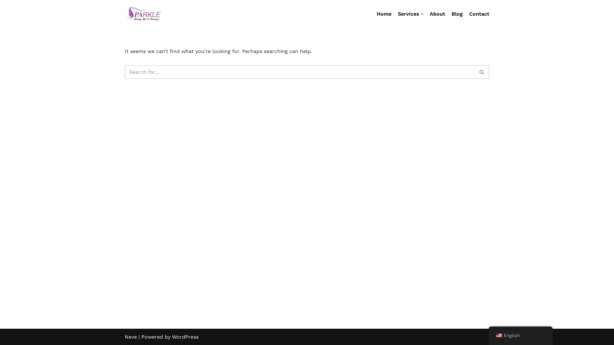  Describe the element at coordinates (185, 336) in the screenshot. I see `'WordPress'` at that location.